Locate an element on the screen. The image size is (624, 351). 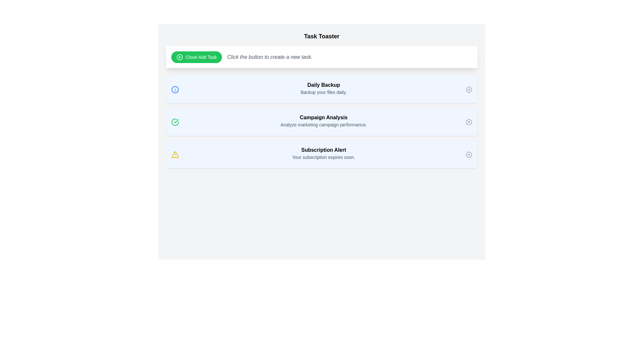
the text block that serves as a visual notification for imminent subscription expiry, which is located at the bottom of a vertical list of notifications and features a warning triangle icon on the left is located at coordinates (324, 154).